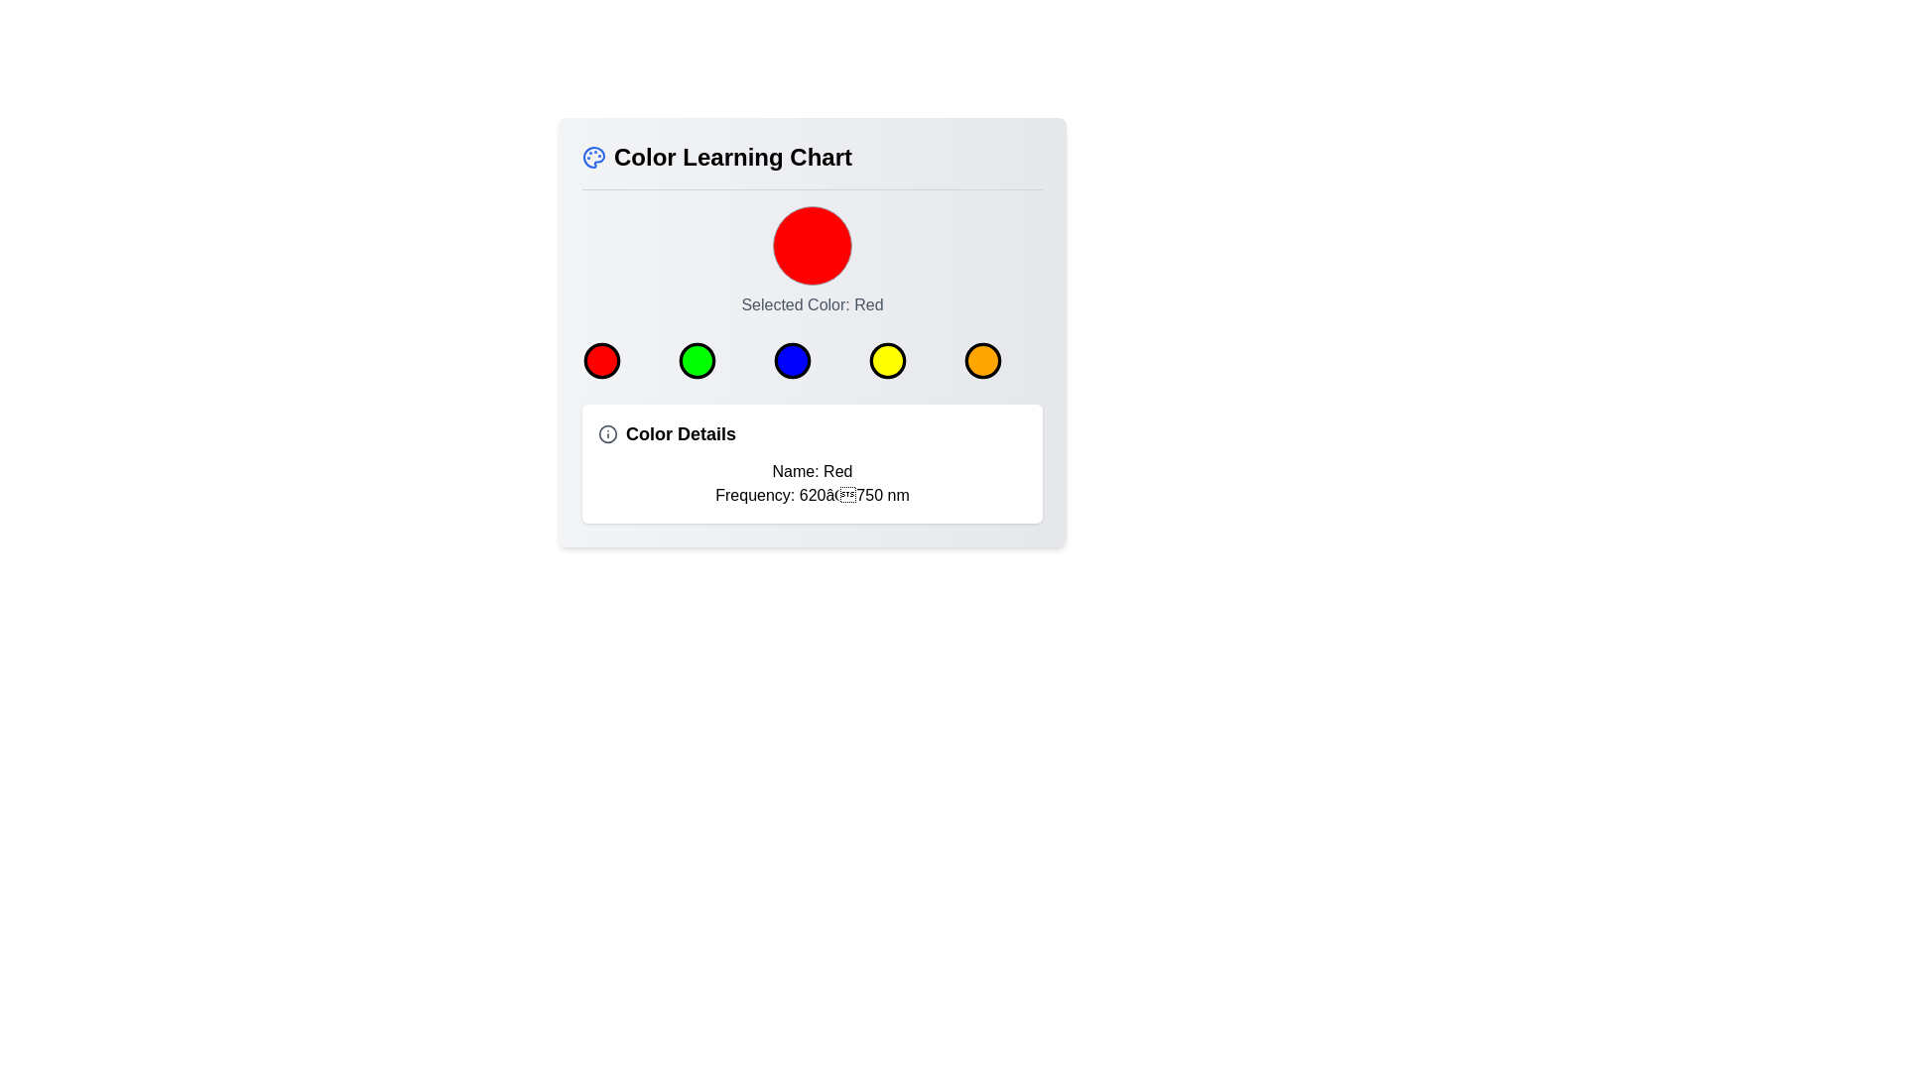 This screenshot has height=1071, width=1905. What do you see at coordinates (697, 360) in the screenshot?
I see `the circular green icon` at bounding box center [697, 360].